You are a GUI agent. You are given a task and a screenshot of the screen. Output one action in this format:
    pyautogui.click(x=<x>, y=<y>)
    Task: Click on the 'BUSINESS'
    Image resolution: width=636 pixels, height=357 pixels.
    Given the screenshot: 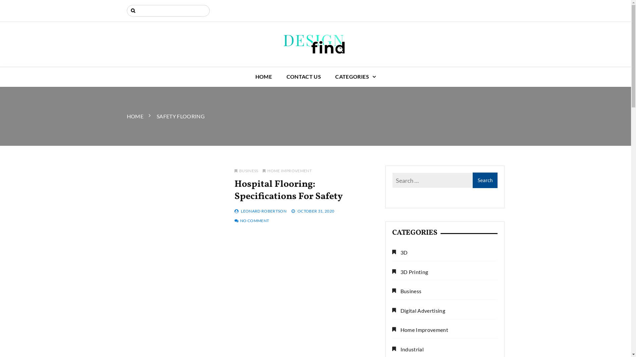 What is the action you would take?
    pyautogui.click(x=246, y=170)
    